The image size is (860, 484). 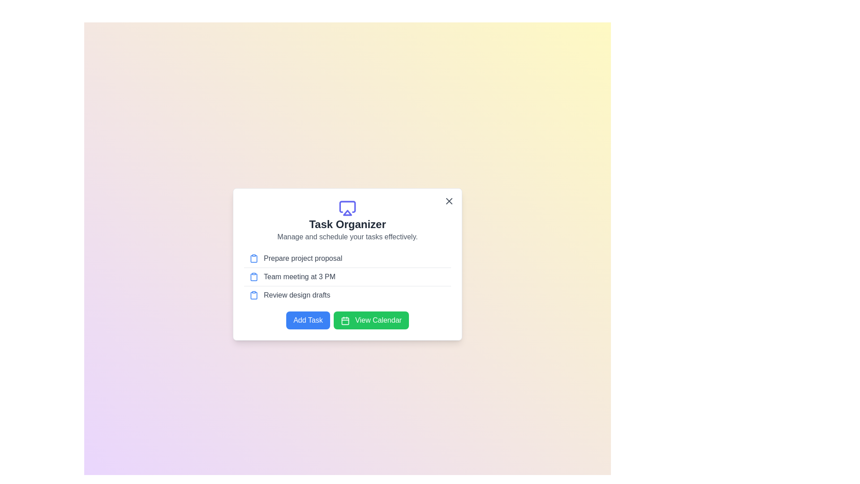 What do you see at coordinates (347, 236) in the screenshot?
I see `text label displaying 'Manage and schedule your tasks effectively.' located below the title 'Task Organizer' in the modal box` at bounding box center [347, 236].